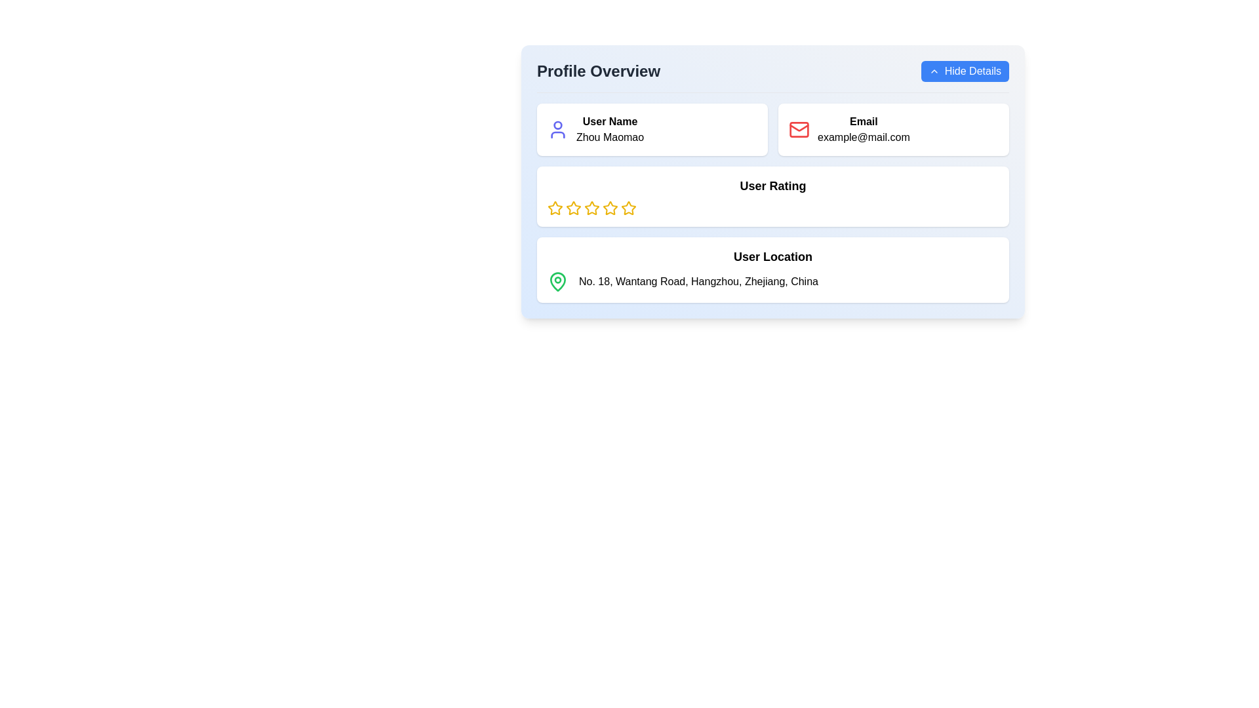  Describe the element at coordinates (609, 137) in the screenshot. I see `the Text Display element that shows 'Zhou Maomao', located below the bold header 'User Name' in the 'Profile Overview' section` at that location.